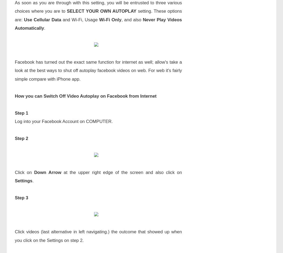 The height and width of the screenshot is (253, 283). Describe the element at coordinates (15, 24) in the screenshot. I see `'Never Play Videos Automatically'` at that location.